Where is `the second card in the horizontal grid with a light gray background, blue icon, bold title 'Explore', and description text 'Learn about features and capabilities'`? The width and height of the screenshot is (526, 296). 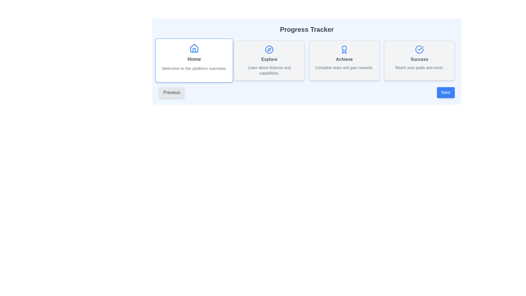 the second card in the horizontal grid with a light gray background, blue icon, bold title 'Explore', and description text 'Learn about features and capabilities' is located at coordinates (269, 60).